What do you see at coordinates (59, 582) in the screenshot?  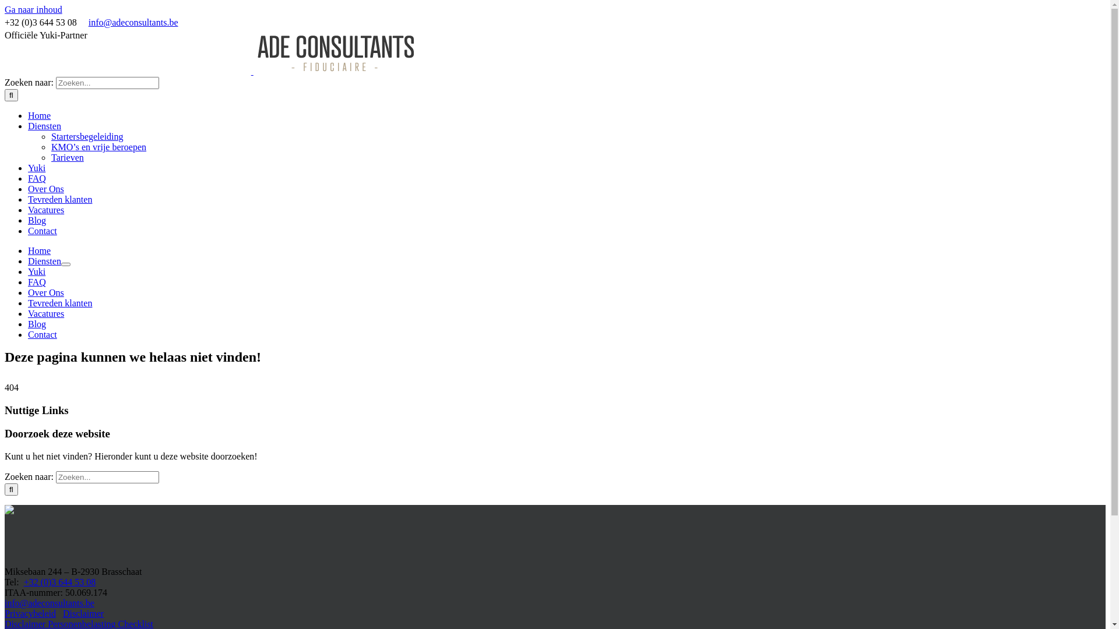 I see `'+32 (0)3 644 53 08'` at bounding box center [59, 582].